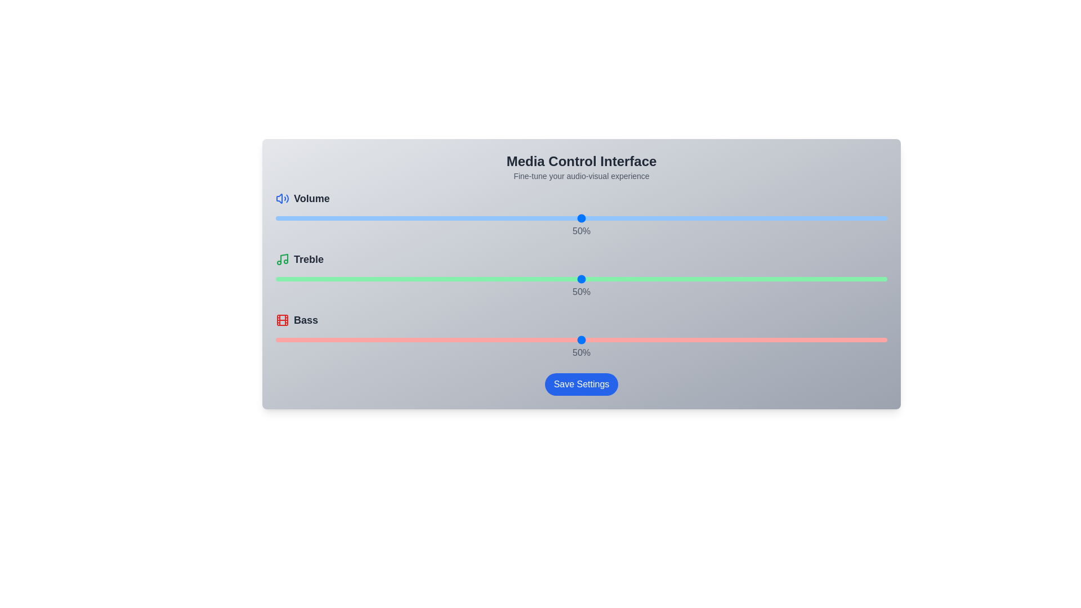 The image size is (1081, 608). Describe the element at coordinates (453, 279) in the screenshot. I see `the slider value` at that location.